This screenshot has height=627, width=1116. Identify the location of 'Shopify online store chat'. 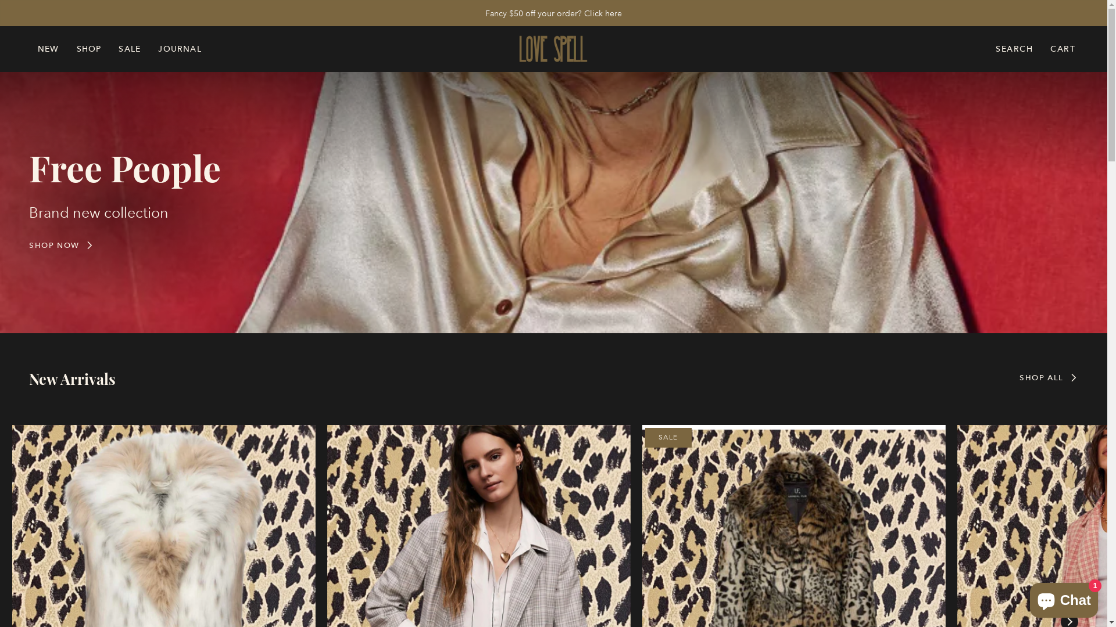
(1064, 597).